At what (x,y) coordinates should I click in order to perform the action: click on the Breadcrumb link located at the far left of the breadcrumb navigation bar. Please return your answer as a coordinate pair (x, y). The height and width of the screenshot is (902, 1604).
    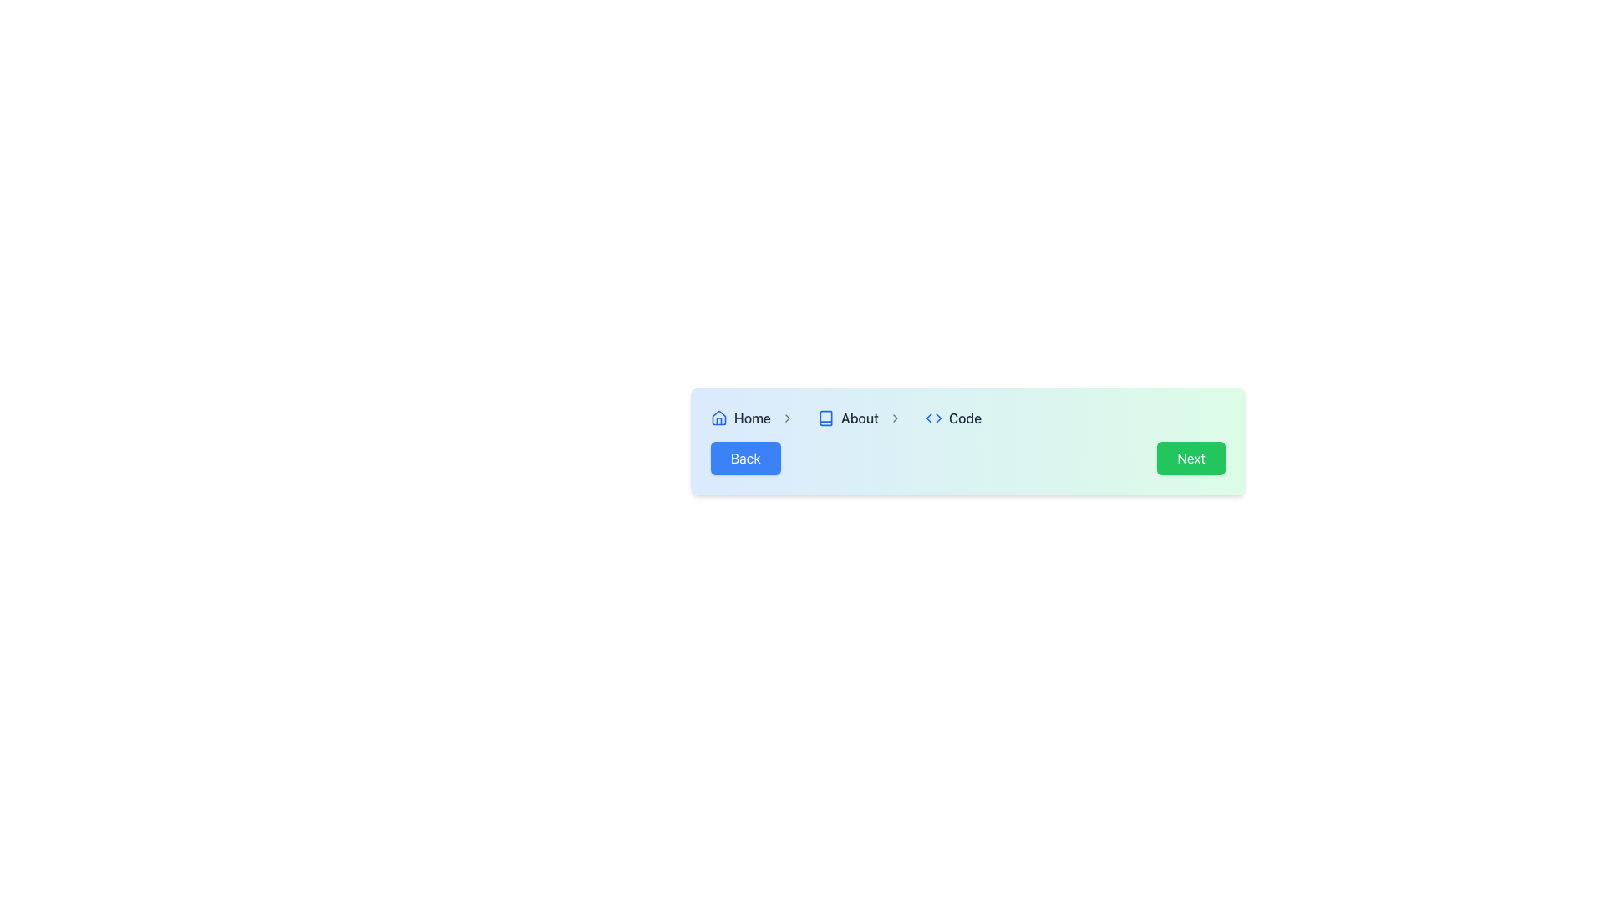
    Looking at the image, I should click on (757, 418).